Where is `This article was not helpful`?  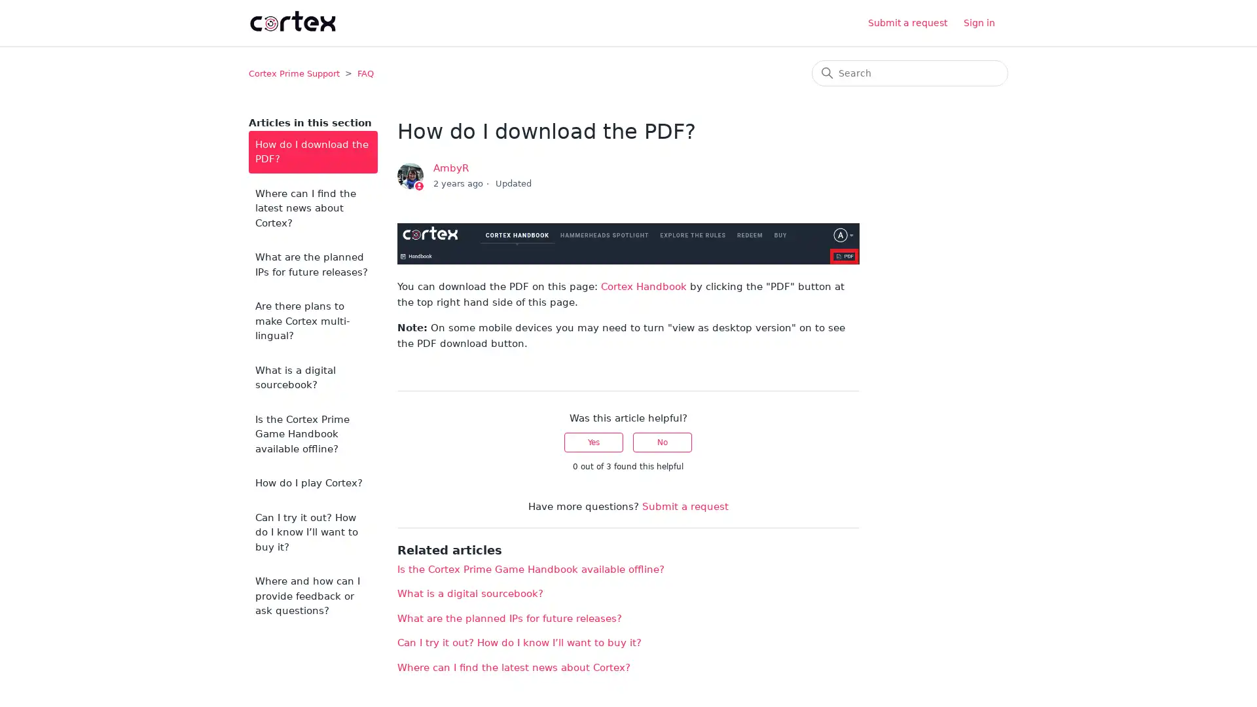 This article was not helpful is located at coordinates (663, 442).